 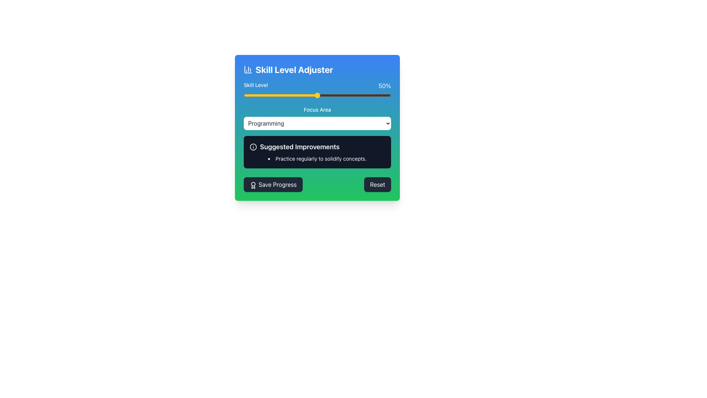 What do you see at coordinates (385, 95) in the screenshot?
I see `the skill level` at bounding box center [385, 95].